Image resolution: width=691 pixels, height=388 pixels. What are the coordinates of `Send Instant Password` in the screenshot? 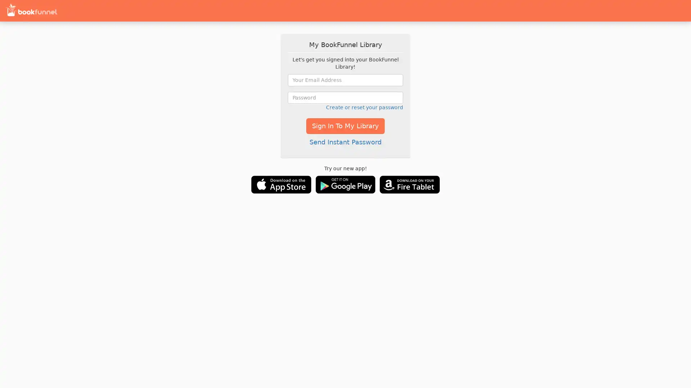 It's located at (345, 142).